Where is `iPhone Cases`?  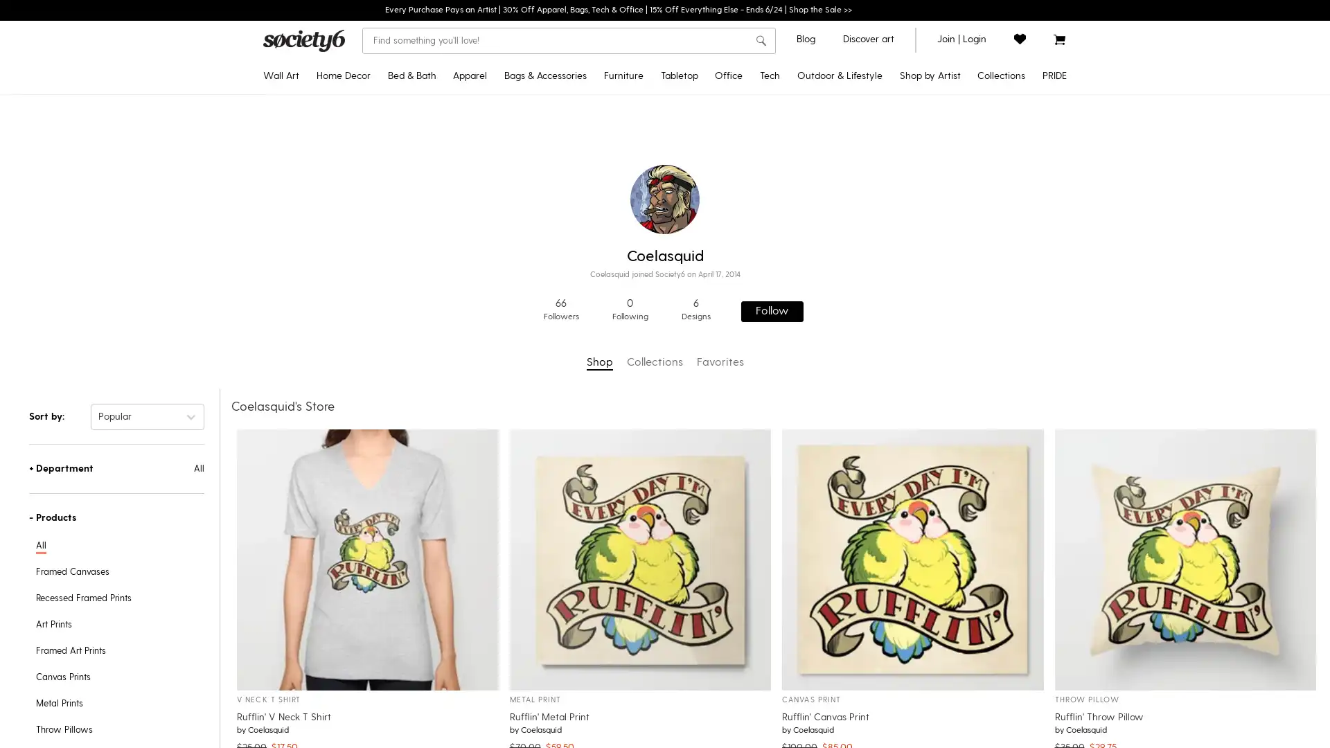
iPhone Cases is located at coordinates (819, 111).